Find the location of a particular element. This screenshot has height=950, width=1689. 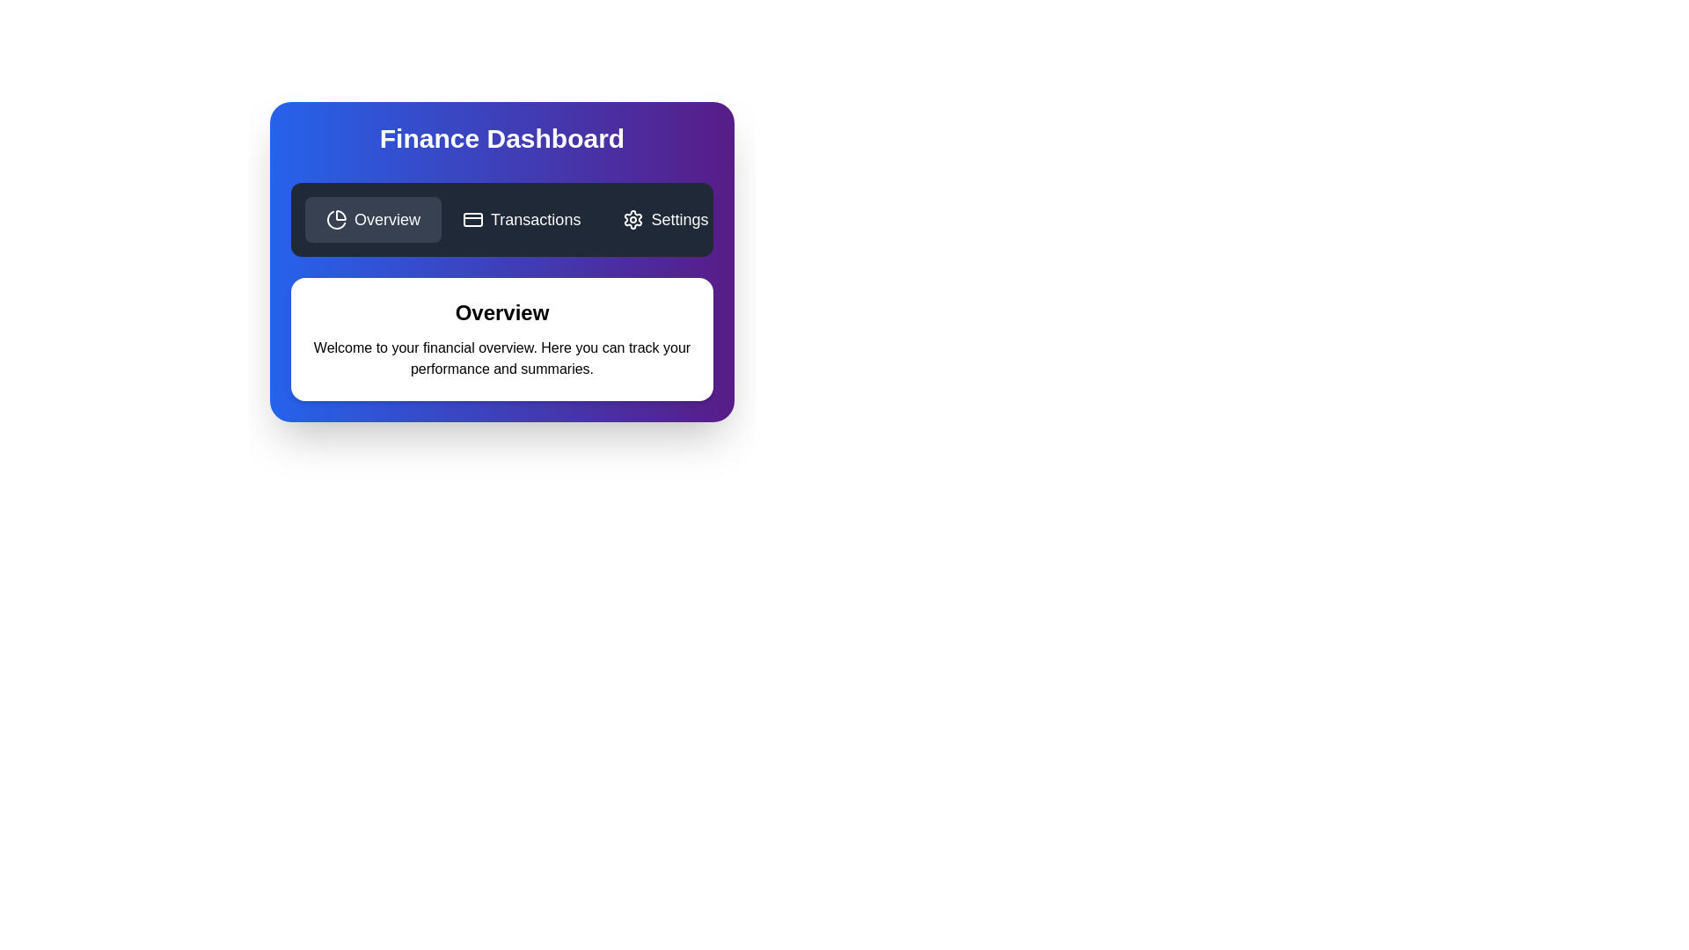

the 'Settings' button, which is a rectangular button with a dark background, a white settings gear icon, and the text 'Settings' in white font, located is located at coordinates (664, 219).